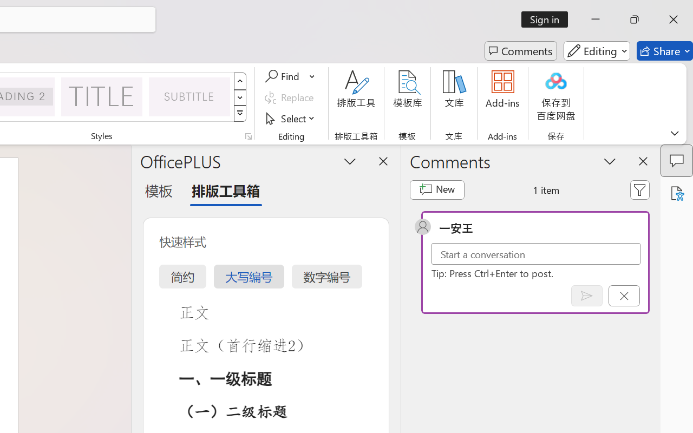  I want to click on 'Post comment (Ctrl + Enter)', so click(586, 296).